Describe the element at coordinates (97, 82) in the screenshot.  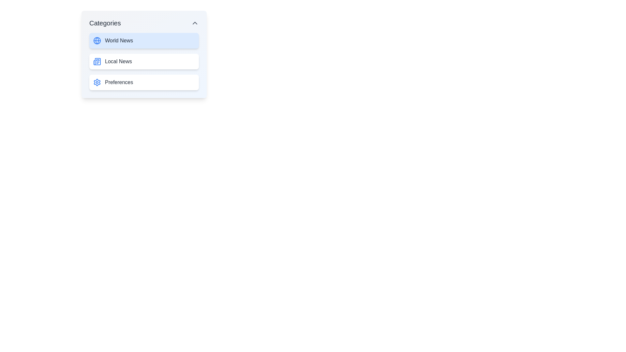
I see `the settings icon, depicted as a blue cogwheel, in the left-side menu under 'Preferences'` at that location.